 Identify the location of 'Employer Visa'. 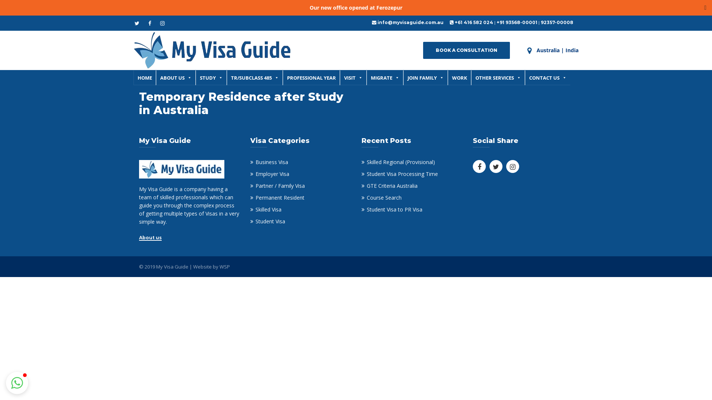
(269, 174).